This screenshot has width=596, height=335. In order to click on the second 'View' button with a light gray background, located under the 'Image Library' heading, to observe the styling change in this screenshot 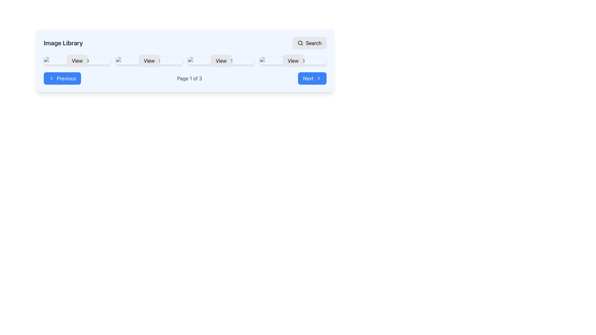, I will do `click(149, 61)`.